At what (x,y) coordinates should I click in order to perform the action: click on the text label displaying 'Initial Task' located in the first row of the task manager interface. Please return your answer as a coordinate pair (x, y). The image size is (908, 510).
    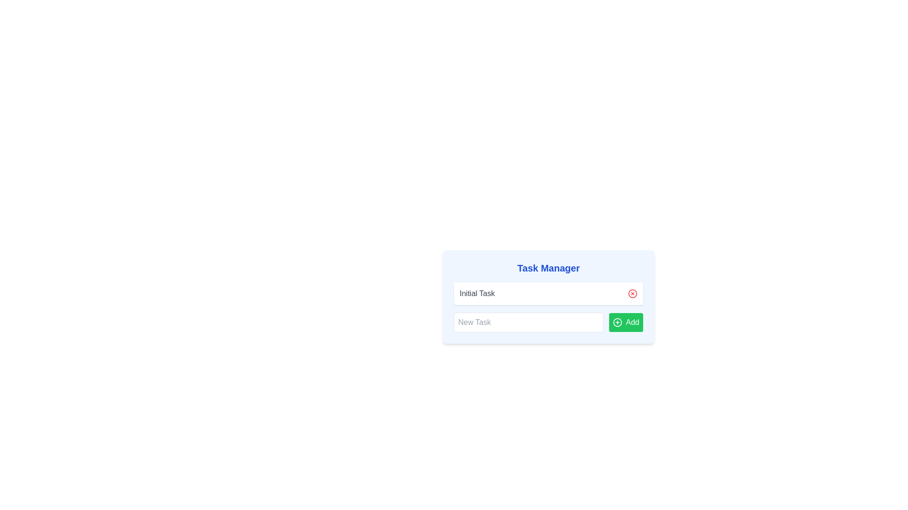
    Looking at the image, I should click on (477, 293).